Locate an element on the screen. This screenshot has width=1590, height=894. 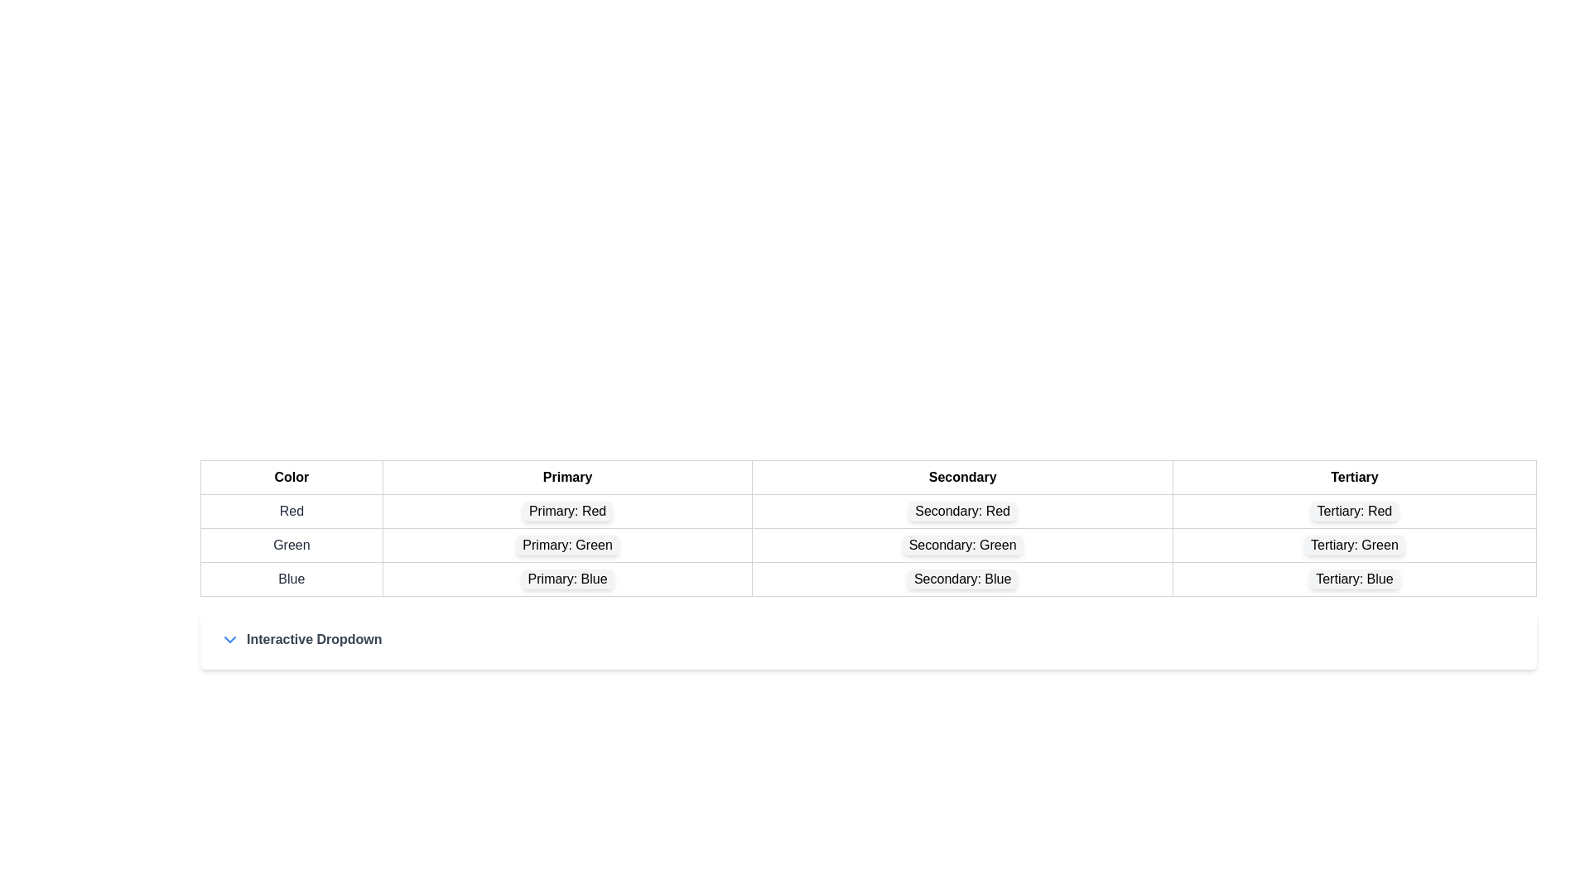
the static text label that provides information about the primary category of the color 'Blue', located in the third row of a table under the 'Primary' column is located at coordinates (567, 578).